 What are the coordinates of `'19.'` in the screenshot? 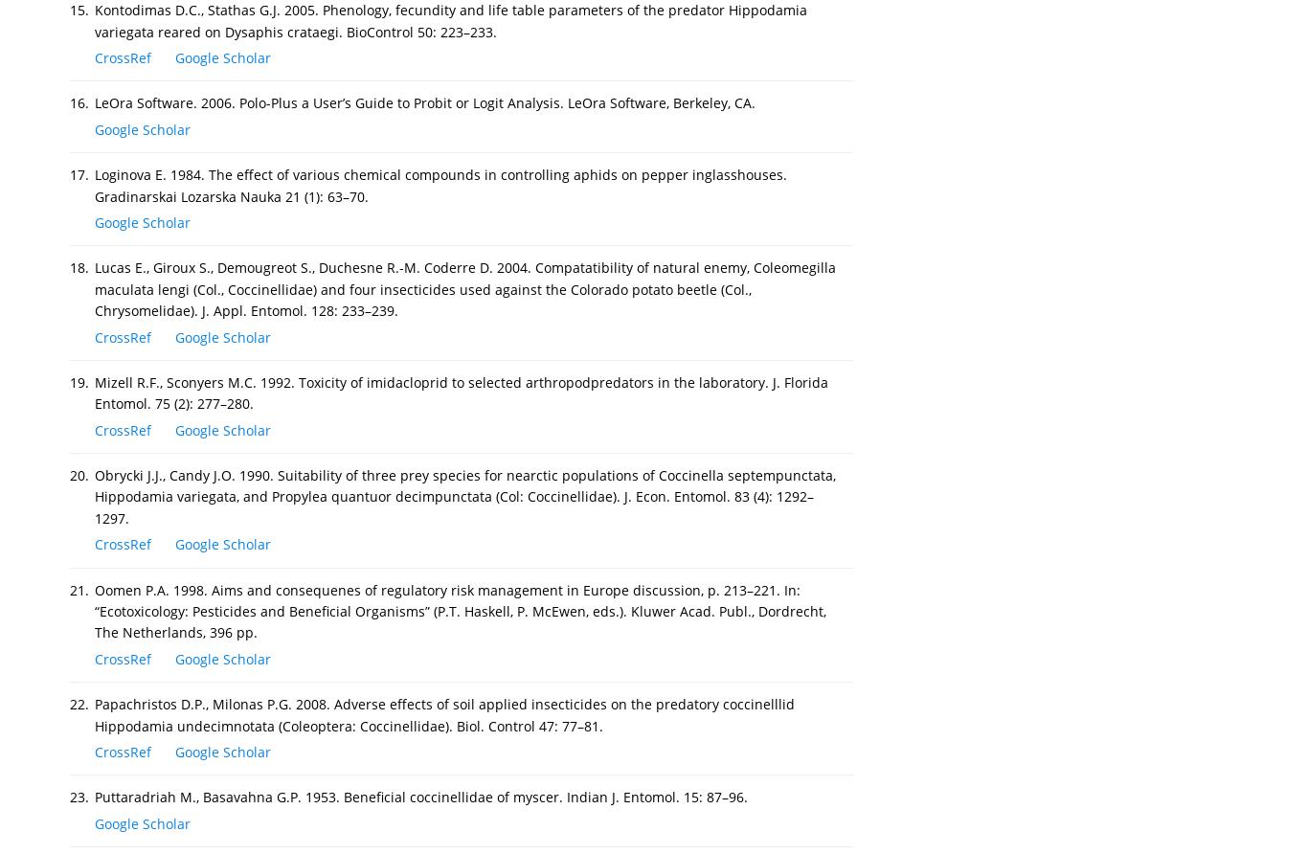 It's located at (69, 380).